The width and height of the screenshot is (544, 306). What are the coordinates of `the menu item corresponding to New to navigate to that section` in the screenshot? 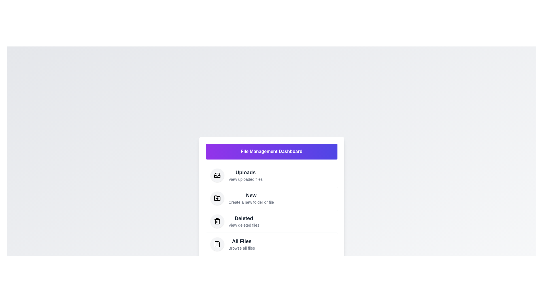 It's located at (251, 198).